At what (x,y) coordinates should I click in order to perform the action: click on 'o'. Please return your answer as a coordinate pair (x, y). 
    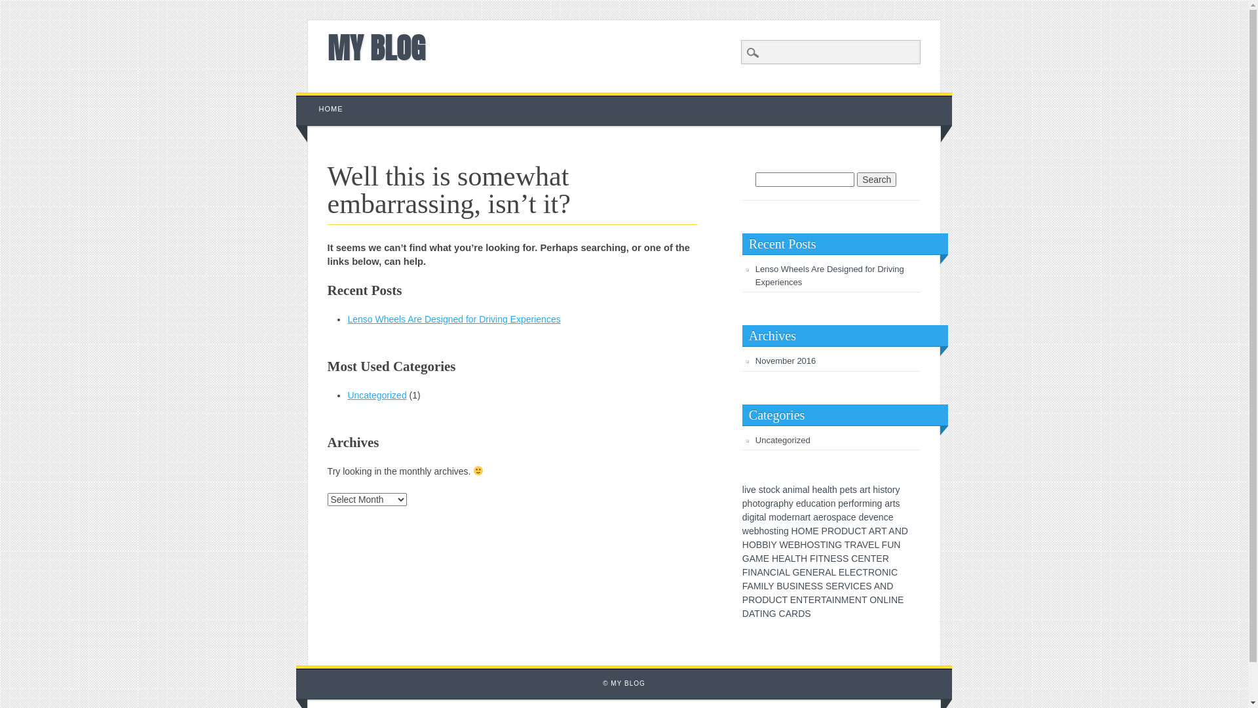
    Looking at the image, I should click on (762, 502).